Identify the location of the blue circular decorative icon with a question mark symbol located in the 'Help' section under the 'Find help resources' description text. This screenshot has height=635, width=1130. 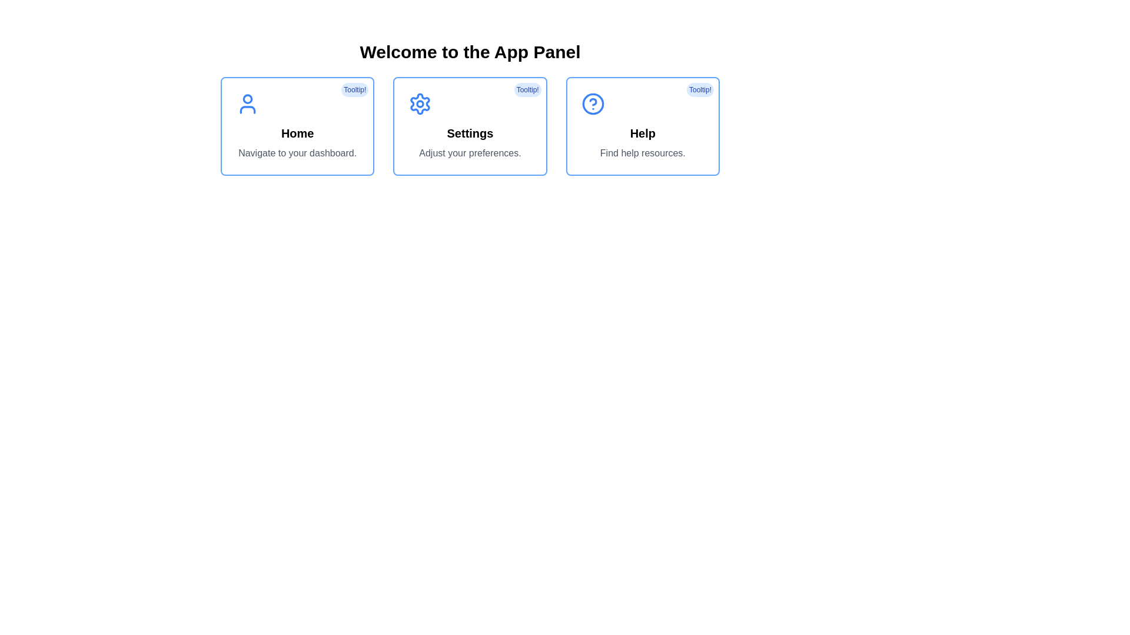
(593, 103).